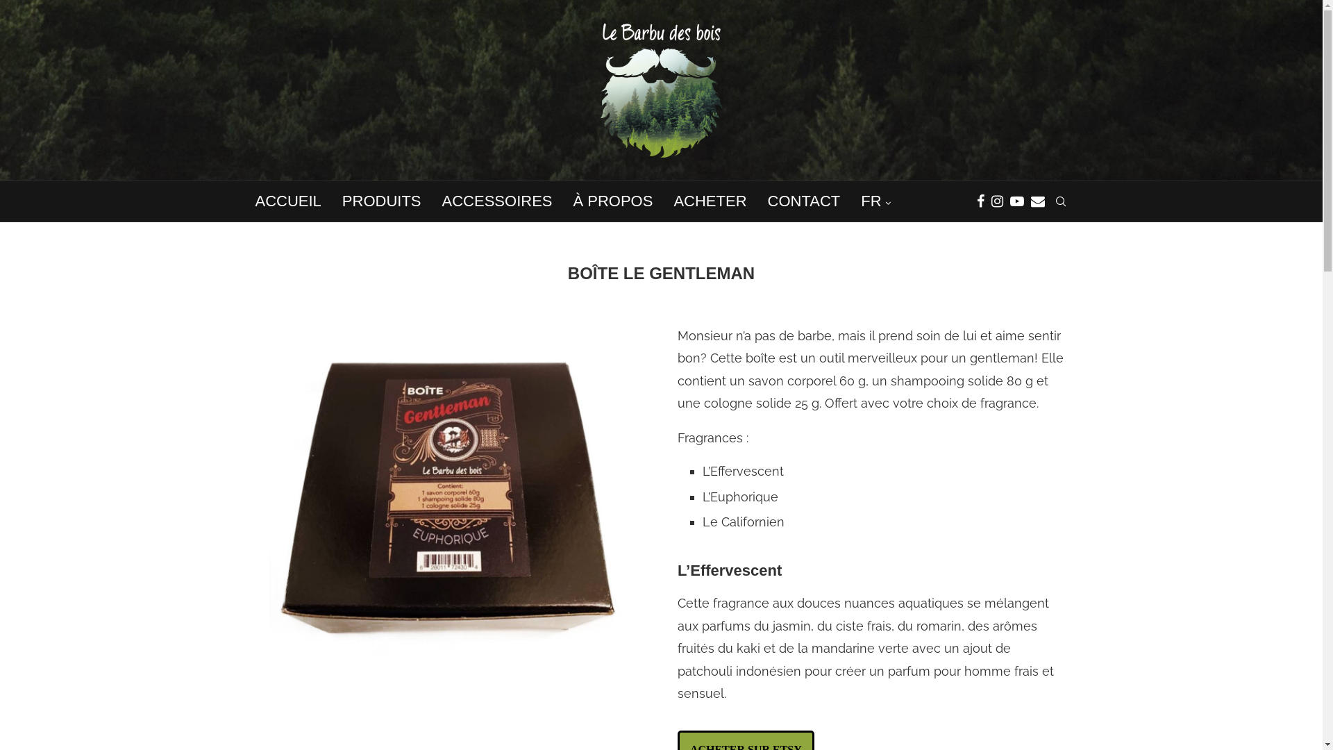  I want to click on 'ACCUEIL', so click(287, 201).